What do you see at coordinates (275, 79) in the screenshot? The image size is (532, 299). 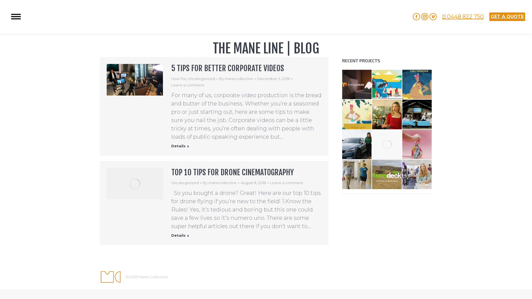 I see `'December 5, 2018'` at bounding box center [275, 79].